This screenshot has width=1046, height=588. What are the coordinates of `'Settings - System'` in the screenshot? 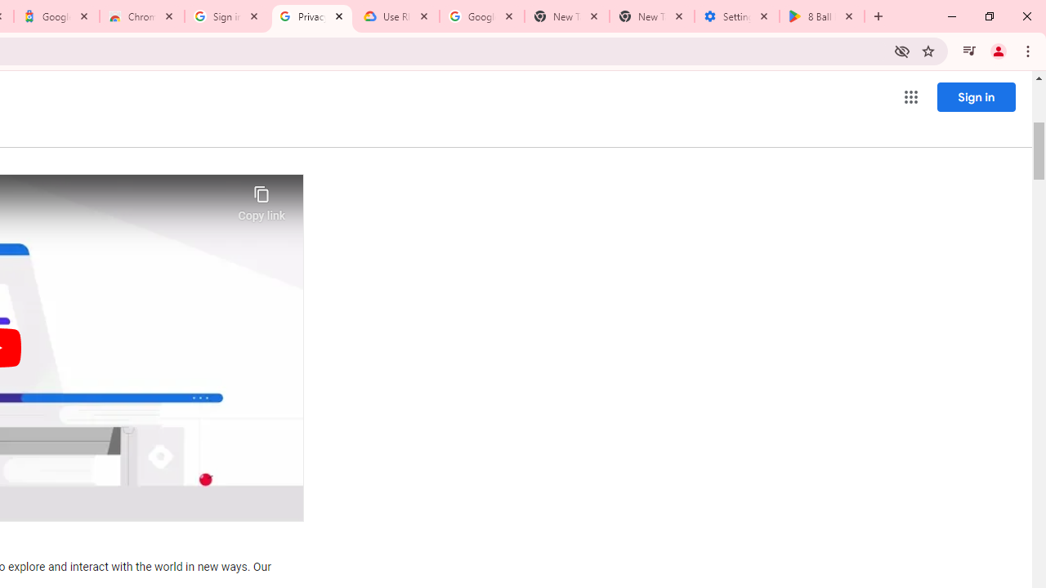 It's located at (735, 16).